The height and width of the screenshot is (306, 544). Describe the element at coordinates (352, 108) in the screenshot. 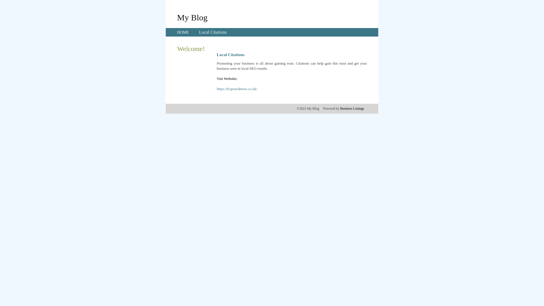

I see `'Business Listings'` at that location.